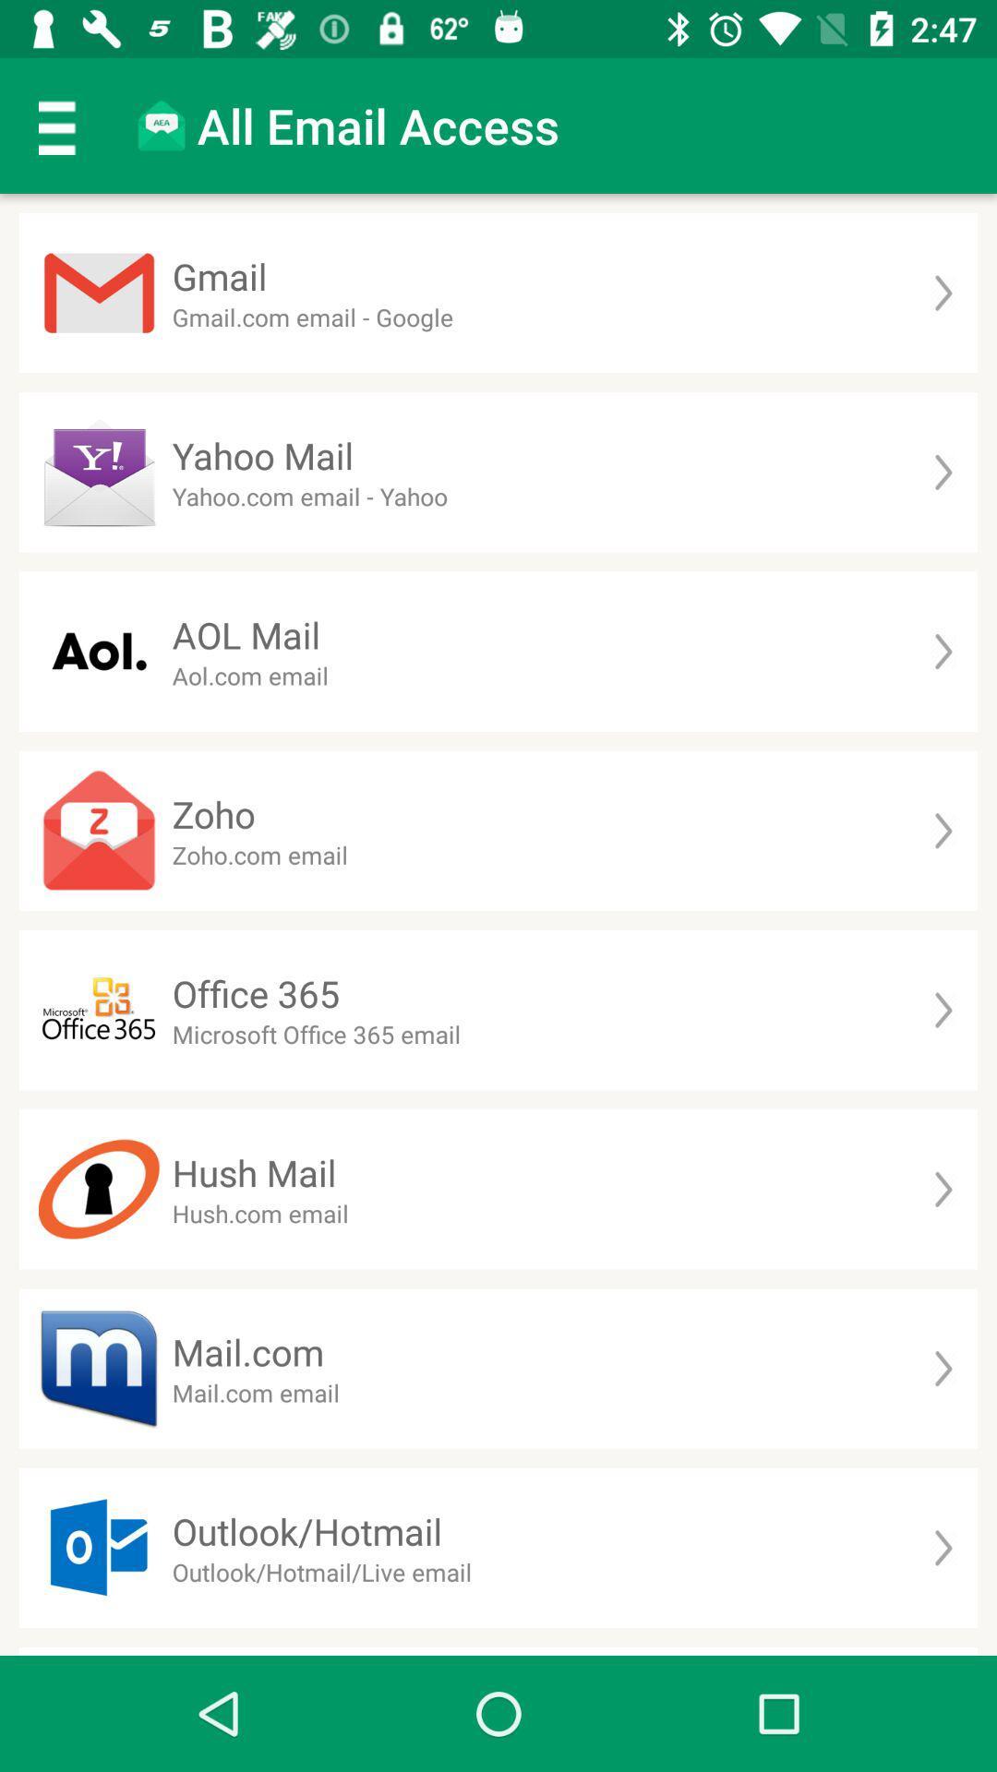 The image size is (997, 1772). Describe the element at coordinates (263, 455) in the screenshot. I see `icon below the gmail com email` at that location.